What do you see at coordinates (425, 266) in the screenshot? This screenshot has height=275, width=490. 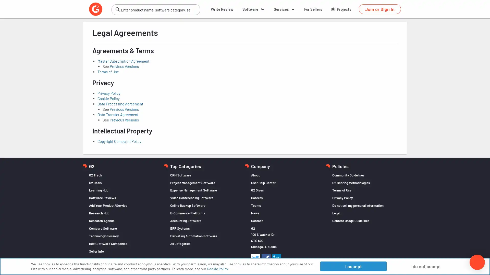 I see `I do not accept` at bounding box center [425, 266].